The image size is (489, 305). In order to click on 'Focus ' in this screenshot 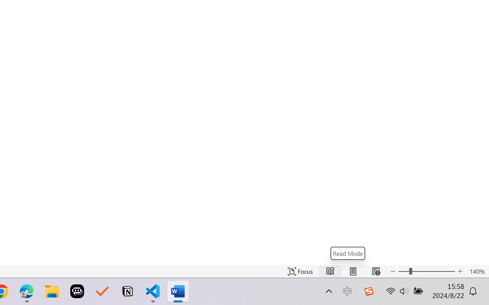, I will do `click(300, 271)`.